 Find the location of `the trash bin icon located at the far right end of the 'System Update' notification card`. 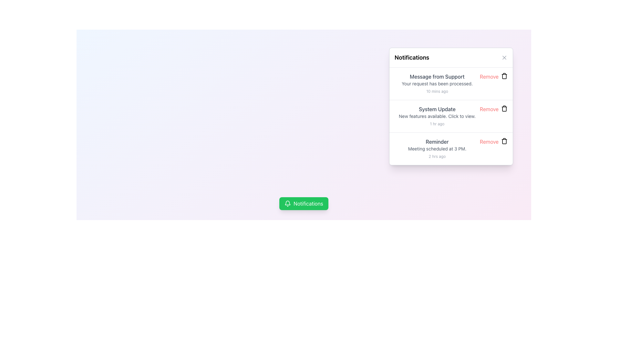

the trash bin icon located at the far right end of the 'System Update' notification card is located at coordinates (504, 108).